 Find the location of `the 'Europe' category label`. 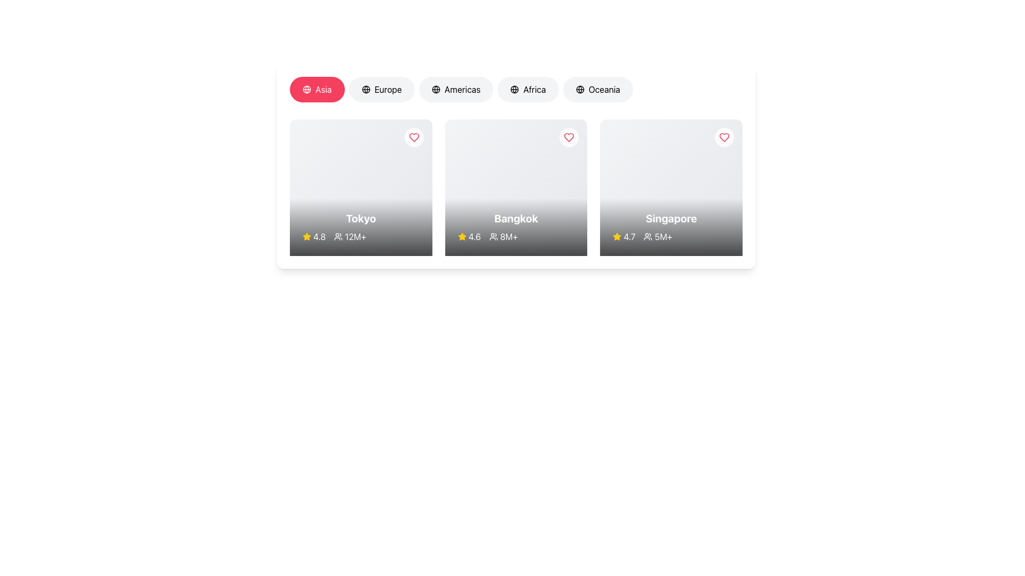

the 'Europe' category label is located at coordinates (387, 89).